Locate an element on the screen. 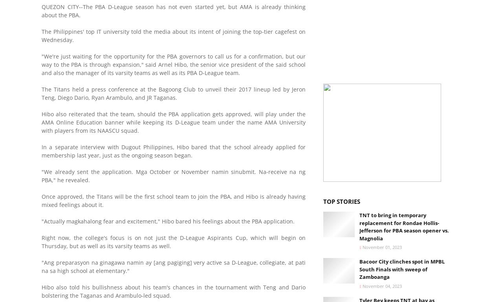 This screenshot has width=491, height=302. 'Ang preparasyon na ginagawa namin ay' is located at coordinates (99, 262).